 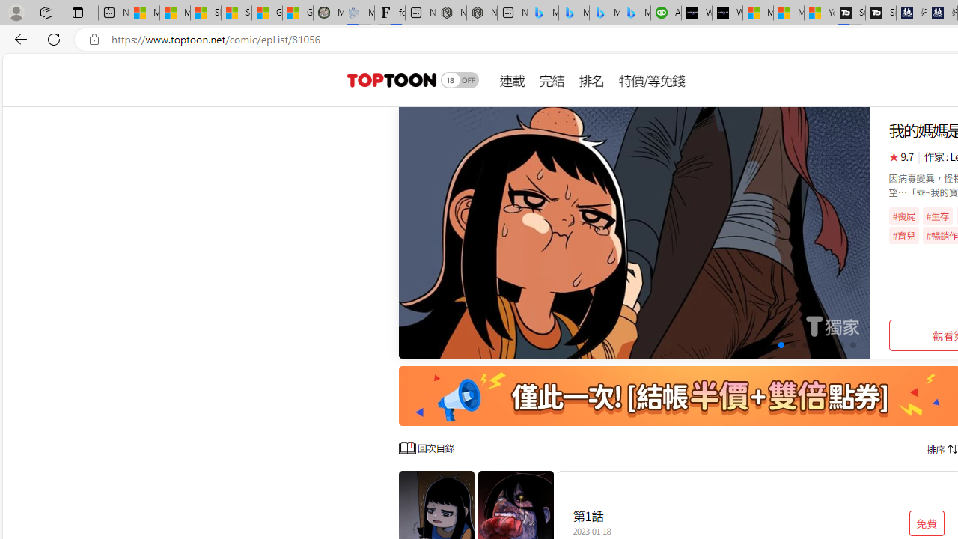 I want to click on 'Go to slide 5', so click(x=792, y=345).